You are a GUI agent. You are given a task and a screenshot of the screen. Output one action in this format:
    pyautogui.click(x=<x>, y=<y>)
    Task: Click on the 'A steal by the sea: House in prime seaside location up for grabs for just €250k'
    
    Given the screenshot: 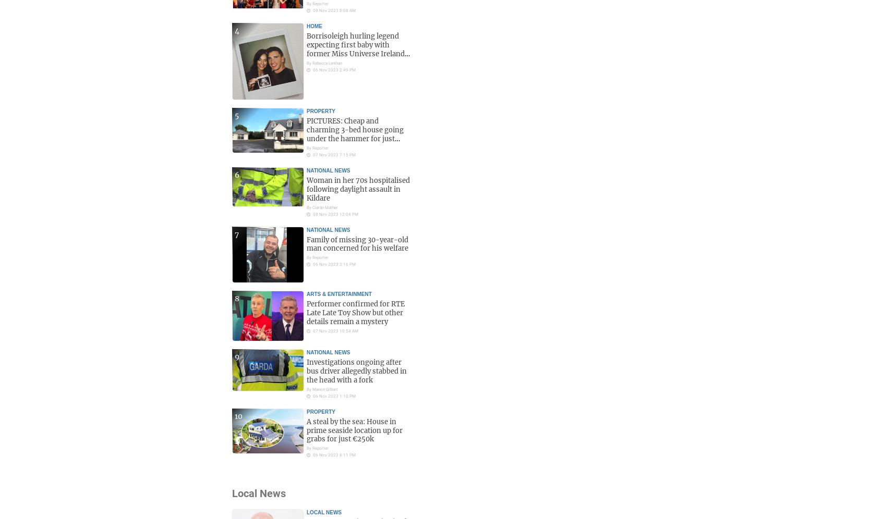 What is the action you would take?
    pyautogui.click(x=355, y=429)
    